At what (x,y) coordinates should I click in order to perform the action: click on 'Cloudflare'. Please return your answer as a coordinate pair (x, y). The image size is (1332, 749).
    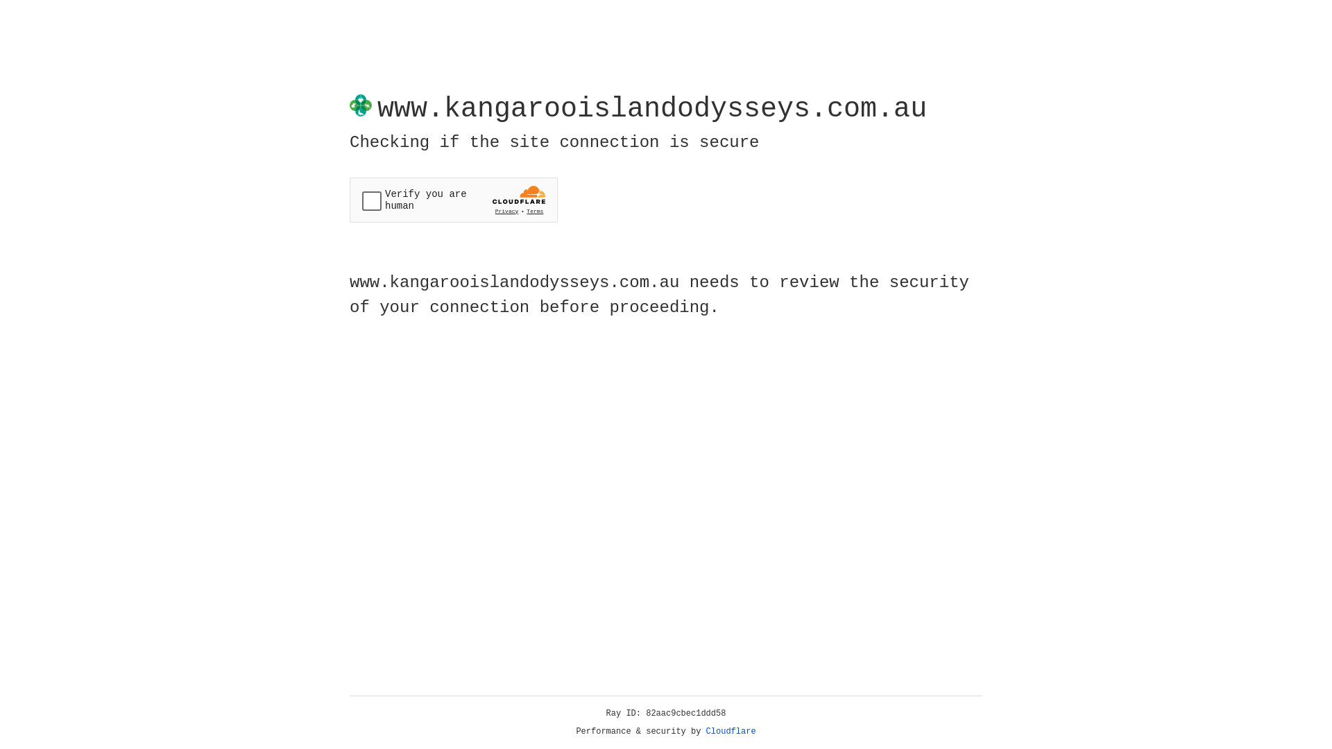
    Looking at the image, I should click on (731, 731).